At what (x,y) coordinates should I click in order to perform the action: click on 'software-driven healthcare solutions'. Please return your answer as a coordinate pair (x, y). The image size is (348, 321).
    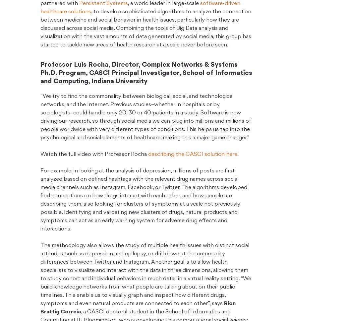
    Looking at the image, I should click on (140, 8).